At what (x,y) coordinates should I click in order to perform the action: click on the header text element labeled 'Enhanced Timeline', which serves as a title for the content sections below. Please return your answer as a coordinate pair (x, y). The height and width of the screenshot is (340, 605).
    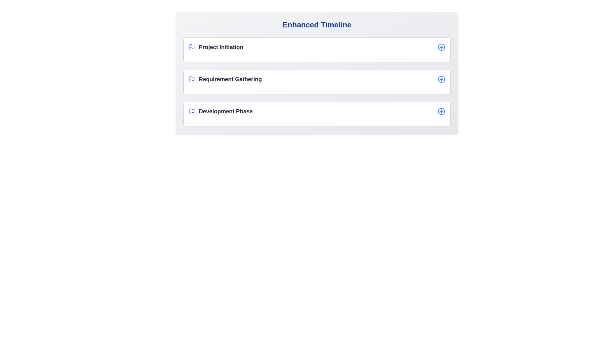
    Looking at the image, I should click on (317, 24).